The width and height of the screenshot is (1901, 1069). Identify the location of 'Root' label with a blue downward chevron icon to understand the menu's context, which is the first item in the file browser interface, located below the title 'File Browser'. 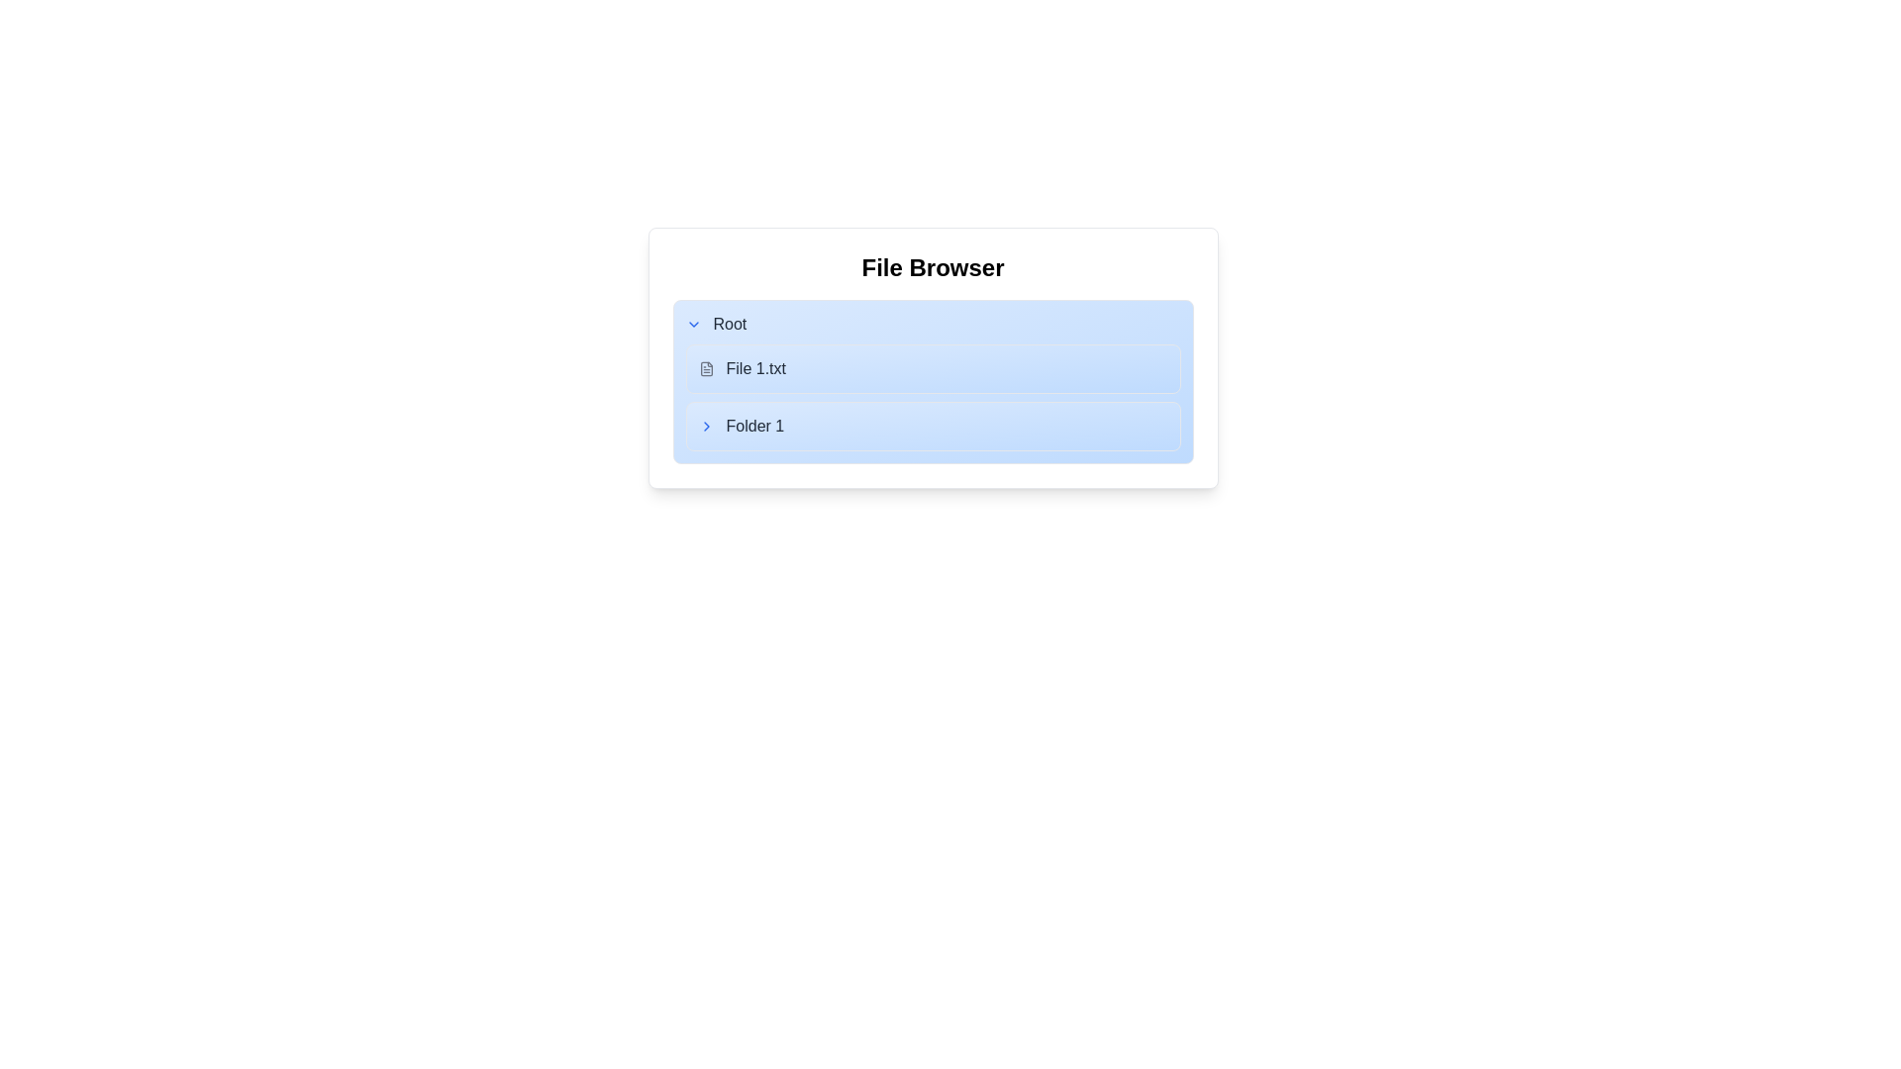
(715, 323).